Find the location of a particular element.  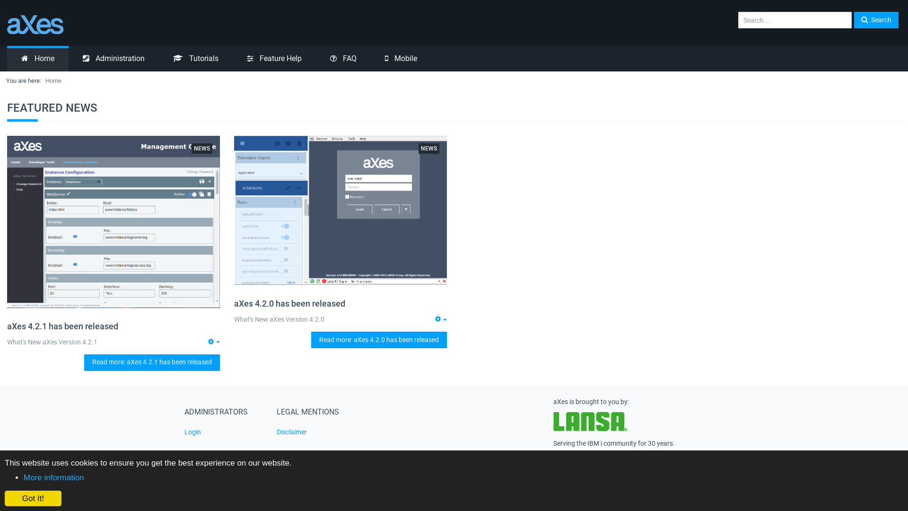

'Disclaimer' is located at coordinates (315, 432).